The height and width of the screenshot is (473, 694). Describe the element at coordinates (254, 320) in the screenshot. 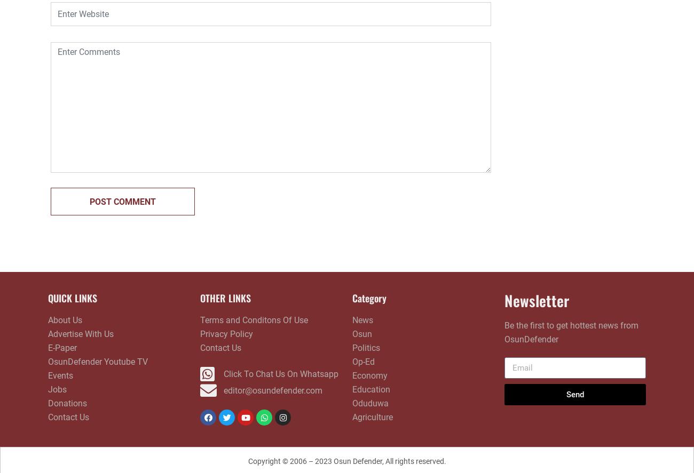

I see `'Terms and Conditons Of Use'` at that location.